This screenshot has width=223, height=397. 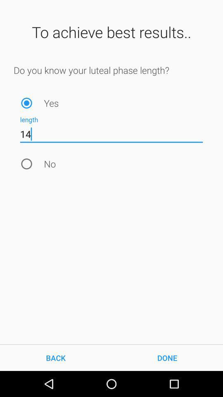 What do you see at coordinates (56, 357) in the screenshot?
I see `the back at the bottom left corner` at bounding box center [56, 357].